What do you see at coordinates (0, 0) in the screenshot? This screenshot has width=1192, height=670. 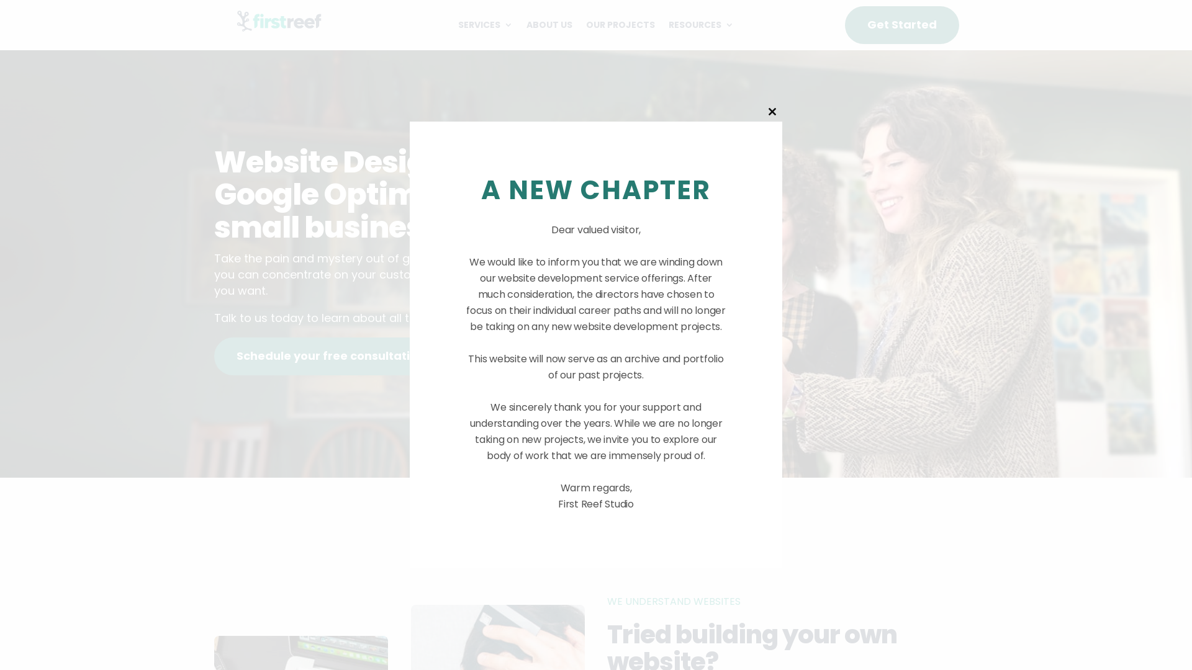 I see `'Skip to content'` at bounding box center [0, 0].